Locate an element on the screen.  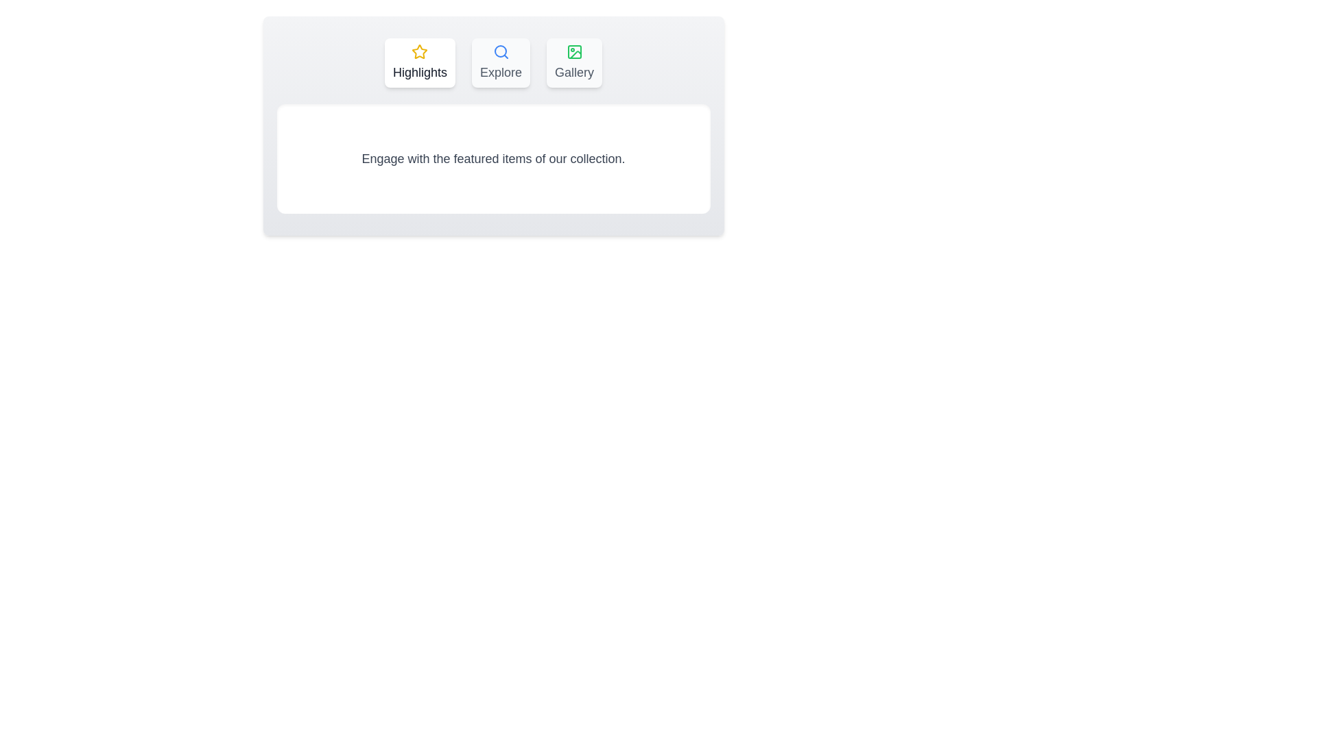
the tab labeled Gallery to observe the hover animation is located at coordinates (574, 63).